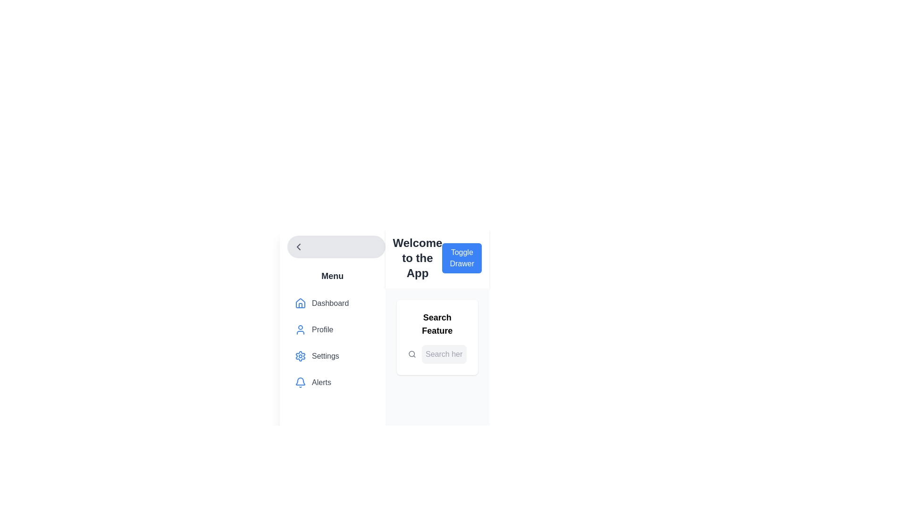 This screenshot has width=906, height=509. Describe the element at coordinates (436, 258) in the screenshot. I see `the 'Toggle Drawer' button located on the right side of the 'Welcome to the App' composite element` at that location.